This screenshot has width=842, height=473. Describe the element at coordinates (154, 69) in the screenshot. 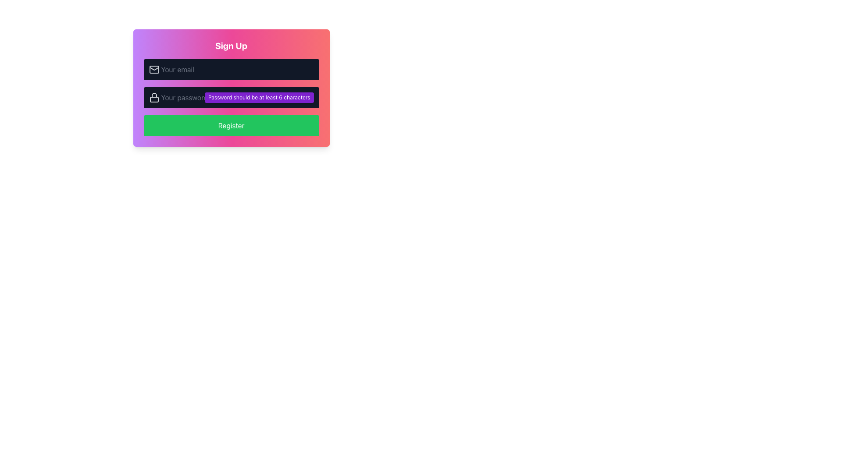

I see `the inner rectangle of the envelope icon, which complements the visual metaphor for email input, located to the left of the 'Your email' input box` at that location.